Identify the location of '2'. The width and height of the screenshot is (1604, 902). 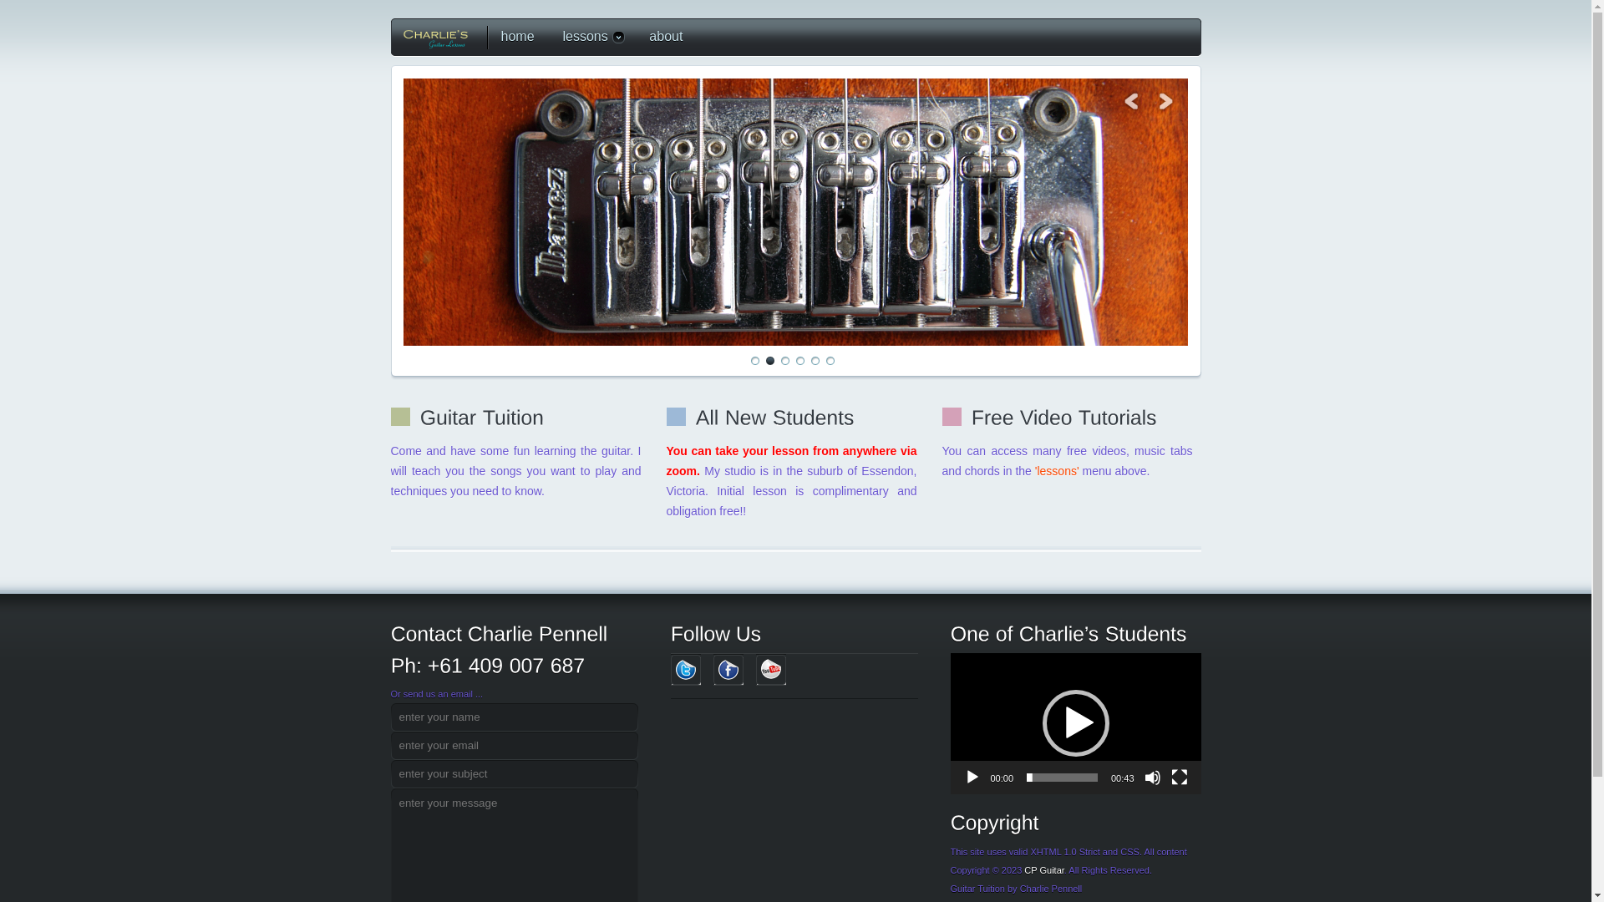
(764, 360).